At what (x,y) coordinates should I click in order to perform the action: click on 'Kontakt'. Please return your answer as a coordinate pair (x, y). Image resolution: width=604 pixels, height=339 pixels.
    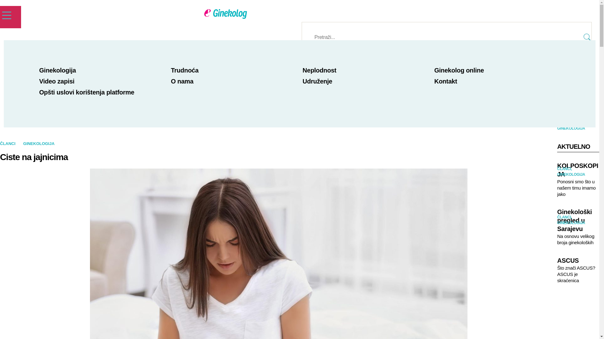
    Looking at the image, I should click on (445, 81).